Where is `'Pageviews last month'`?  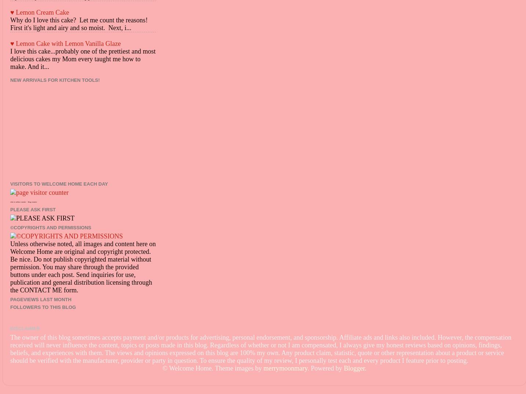 'Pageviews last month' is located at coordinates (40, 299).